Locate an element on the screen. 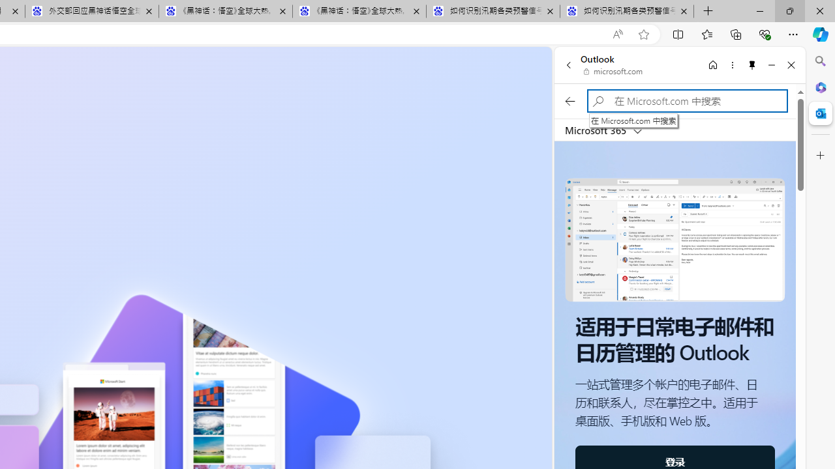 The width and height of the screenshot is (835, 469). 'microsoft.com' is located at coordinates (613, 72).